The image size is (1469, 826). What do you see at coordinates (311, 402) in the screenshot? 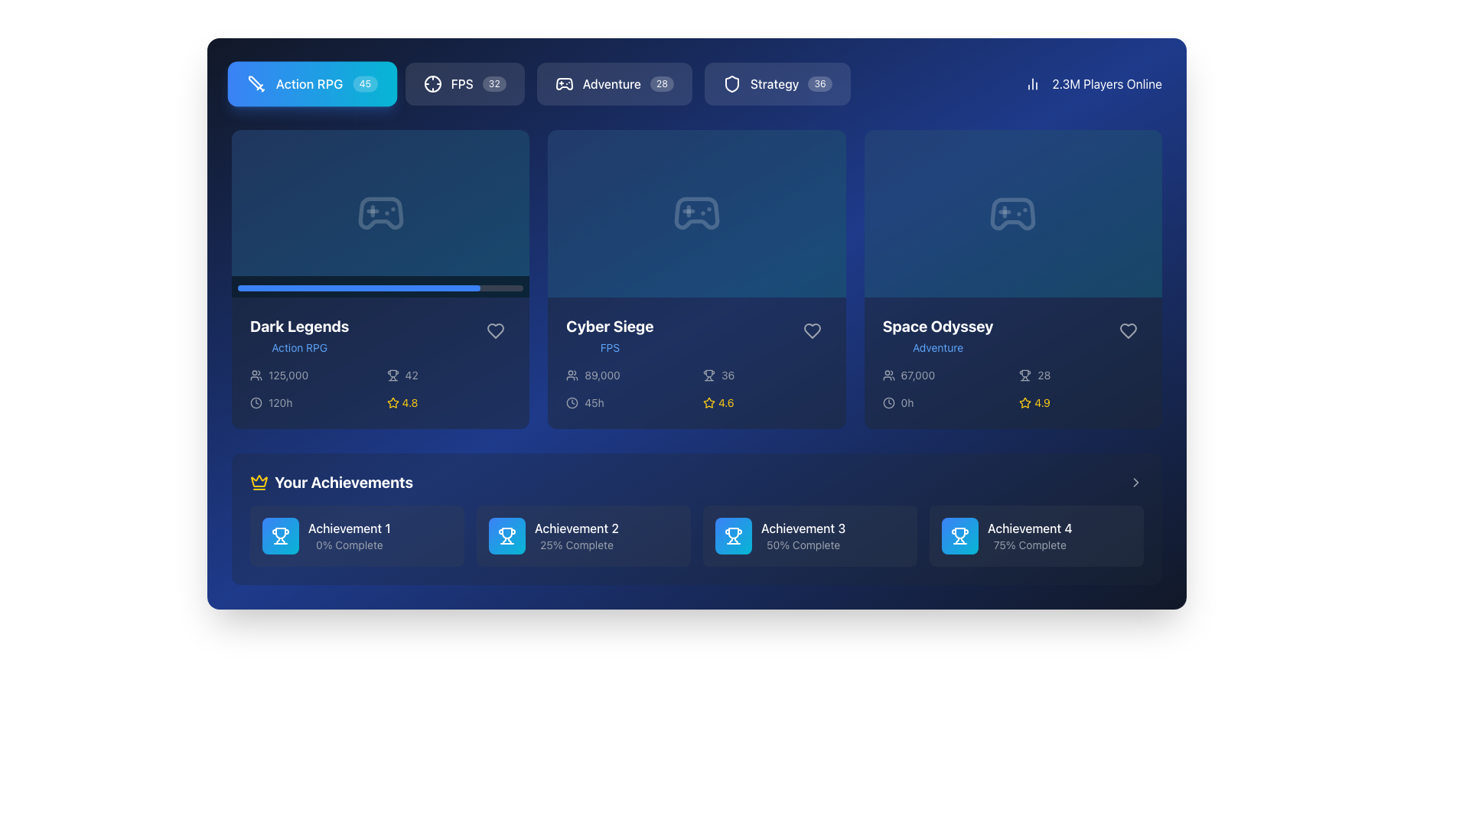
I see `the total playtime label located at the bottom-left of the game card, immediately below the user rating and to the left of the rating score` at bounding box center [311, 402].